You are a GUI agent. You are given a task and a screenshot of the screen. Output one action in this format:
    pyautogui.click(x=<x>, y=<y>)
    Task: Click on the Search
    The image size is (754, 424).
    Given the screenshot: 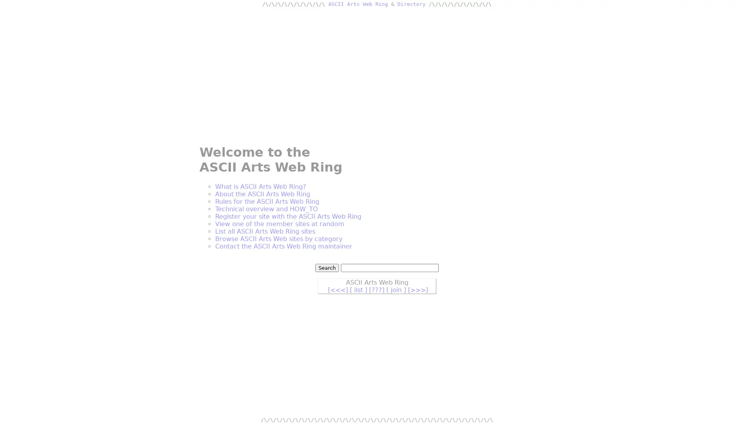 What is the action you would take?
    pyautogui.click(x=327, y=267)
    